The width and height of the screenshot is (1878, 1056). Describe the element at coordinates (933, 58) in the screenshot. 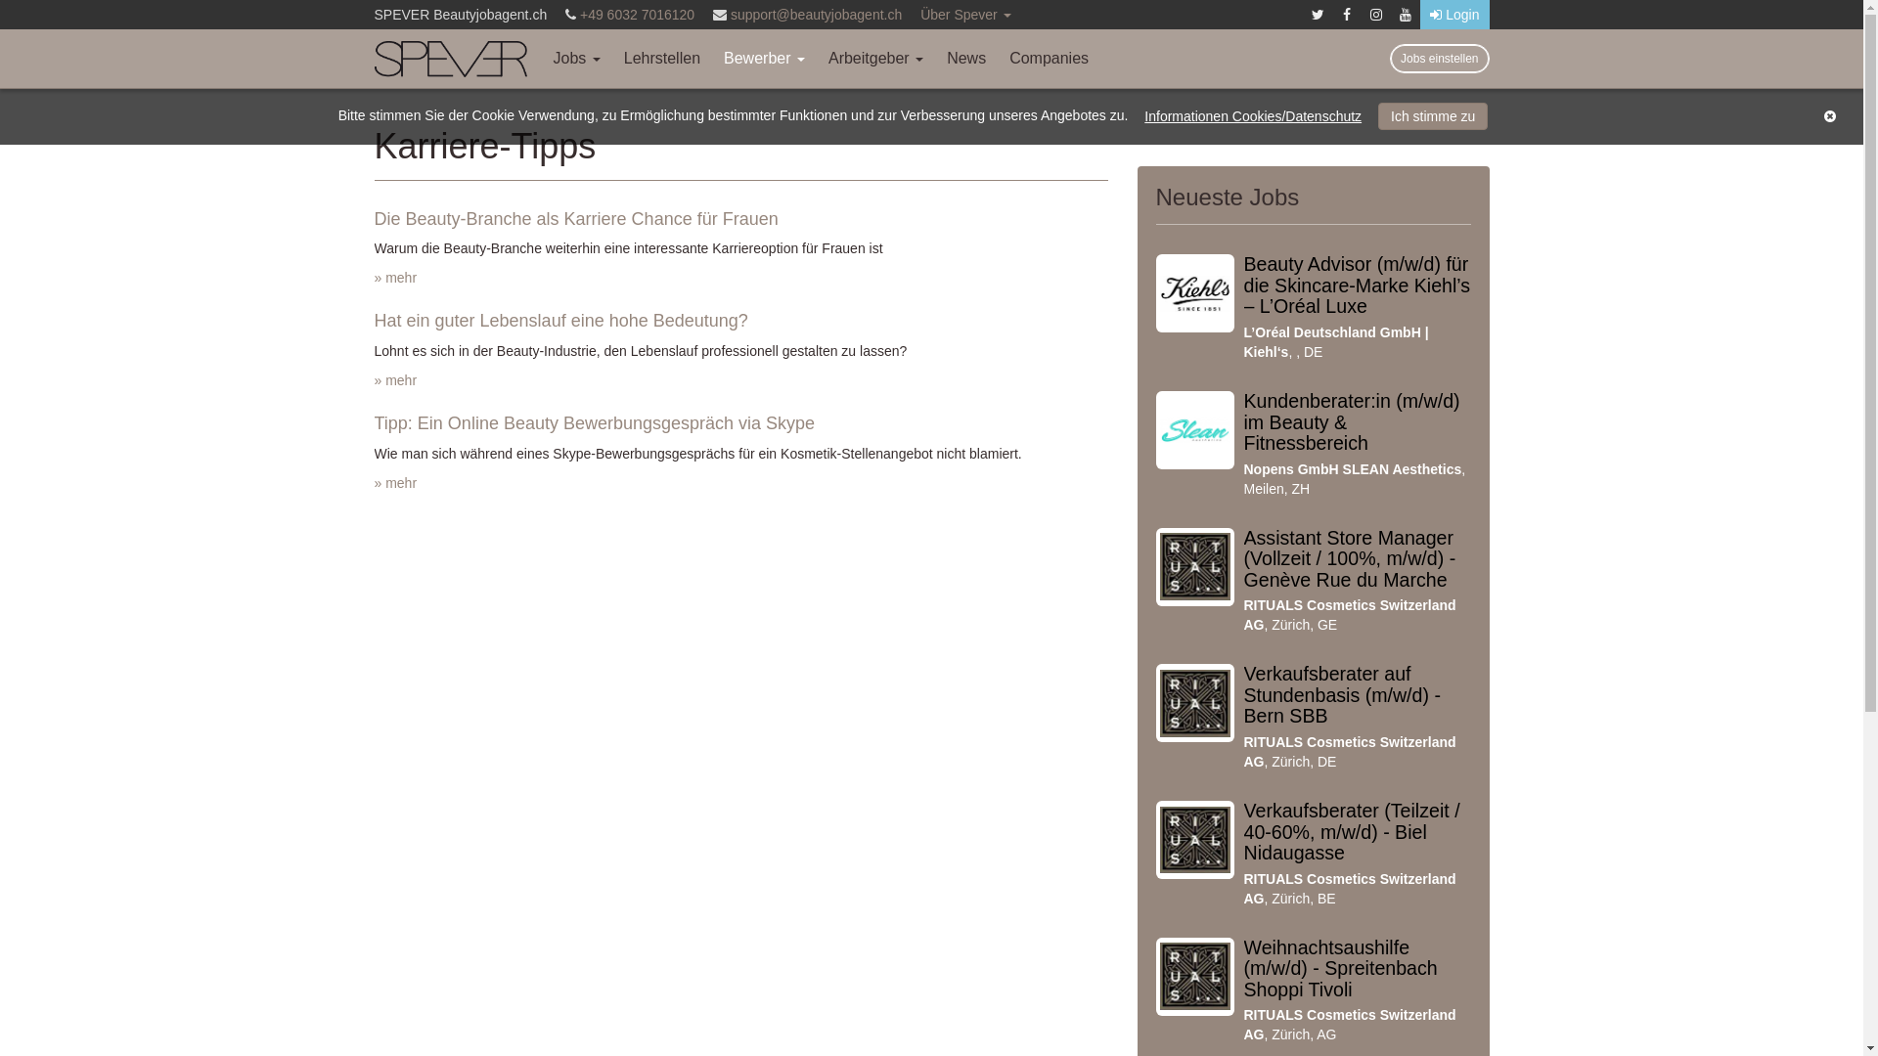

I see `'News'` at that location.